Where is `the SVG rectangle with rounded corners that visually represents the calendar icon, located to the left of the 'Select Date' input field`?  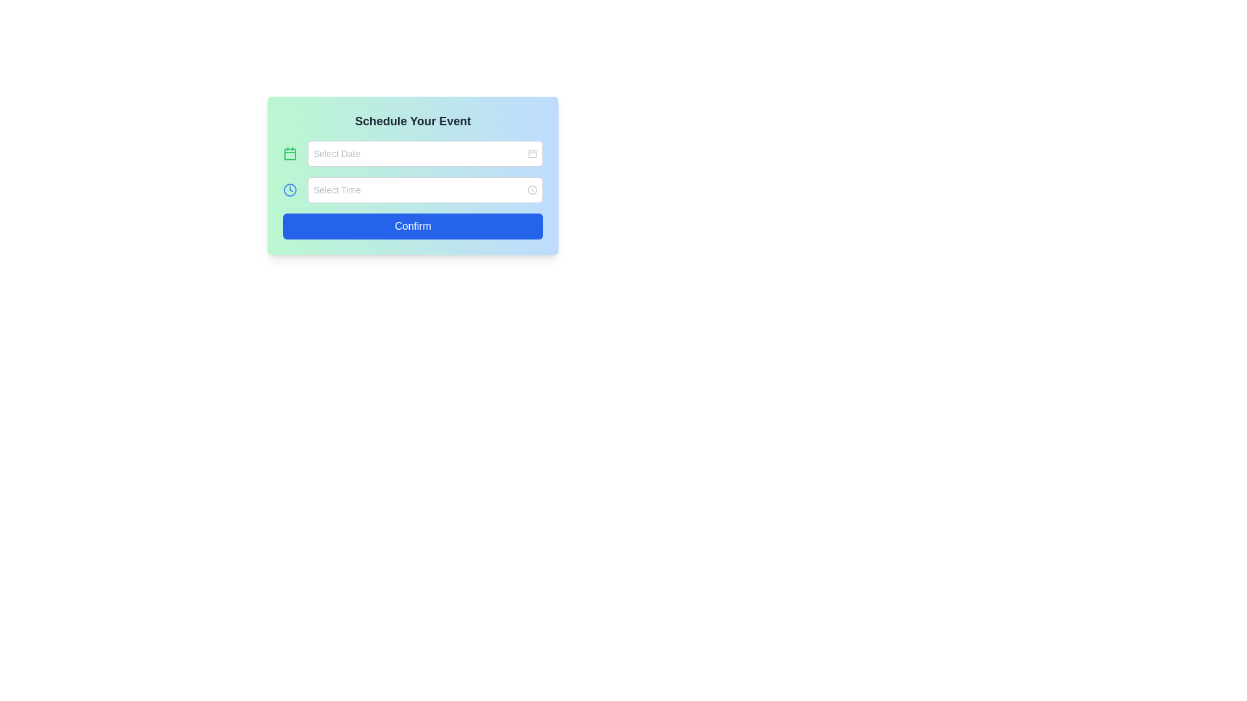 the SVG rectangle with rounded corners that visually represents the calendar icon, located to the left of the 'Select Date' input field is located at coordinates (289, 153).